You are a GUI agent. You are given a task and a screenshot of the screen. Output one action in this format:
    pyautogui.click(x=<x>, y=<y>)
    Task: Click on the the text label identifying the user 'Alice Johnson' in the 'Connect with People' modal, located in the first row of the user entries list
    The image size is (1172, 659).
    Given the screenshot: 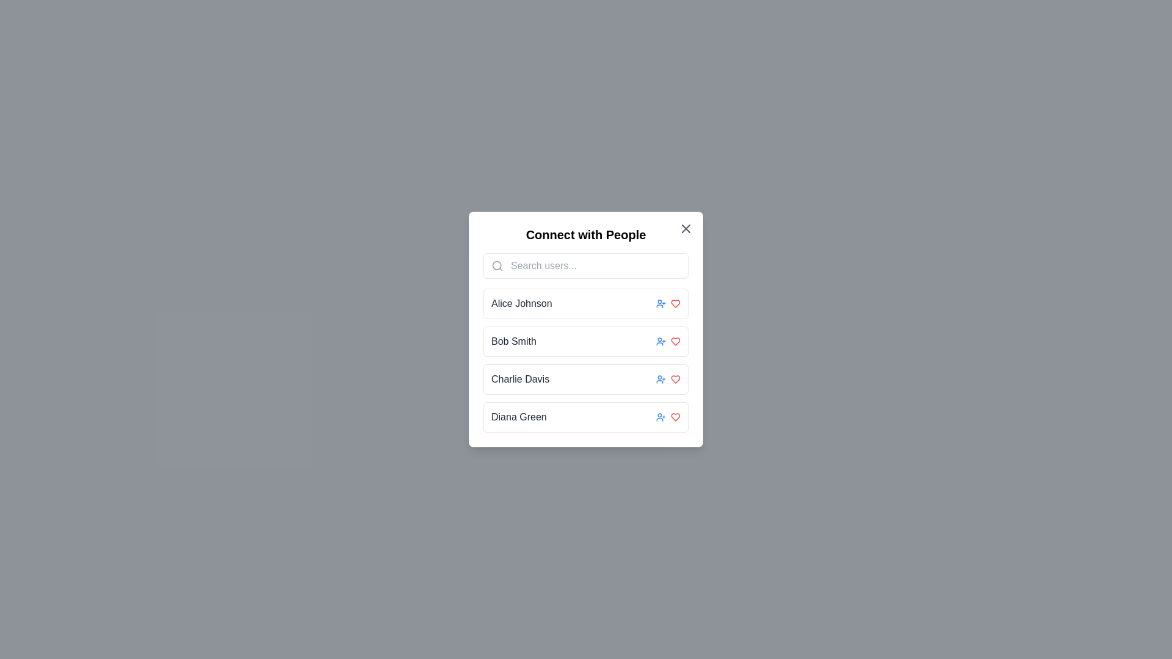 What is the action you would take?
    pyautogui.click(x=521, y=303)
    